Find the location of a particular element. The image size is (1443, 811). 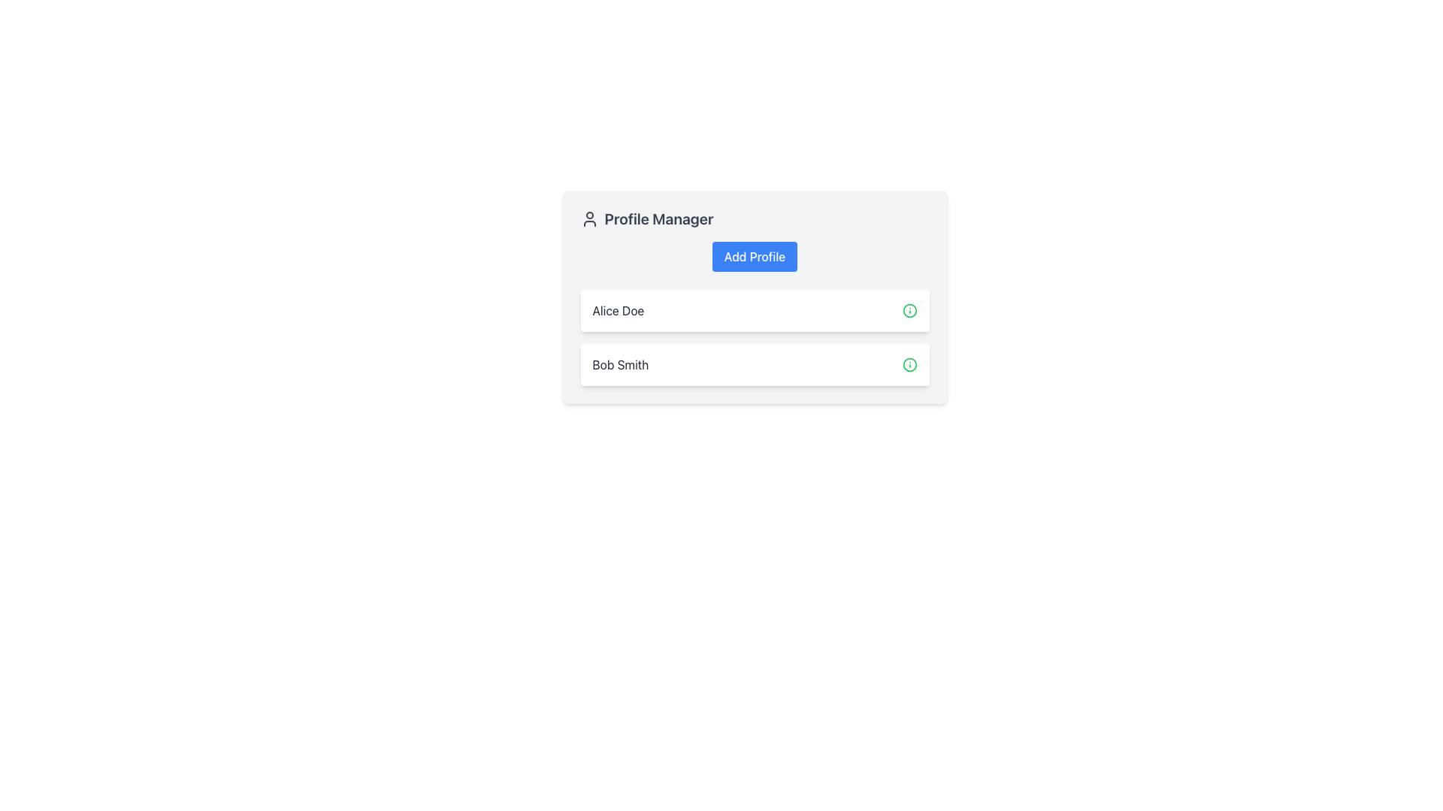

the button located within the 'Profile Manager' section, directly beneath the 'Profile Manager' title is located at coordinates (755, 256).